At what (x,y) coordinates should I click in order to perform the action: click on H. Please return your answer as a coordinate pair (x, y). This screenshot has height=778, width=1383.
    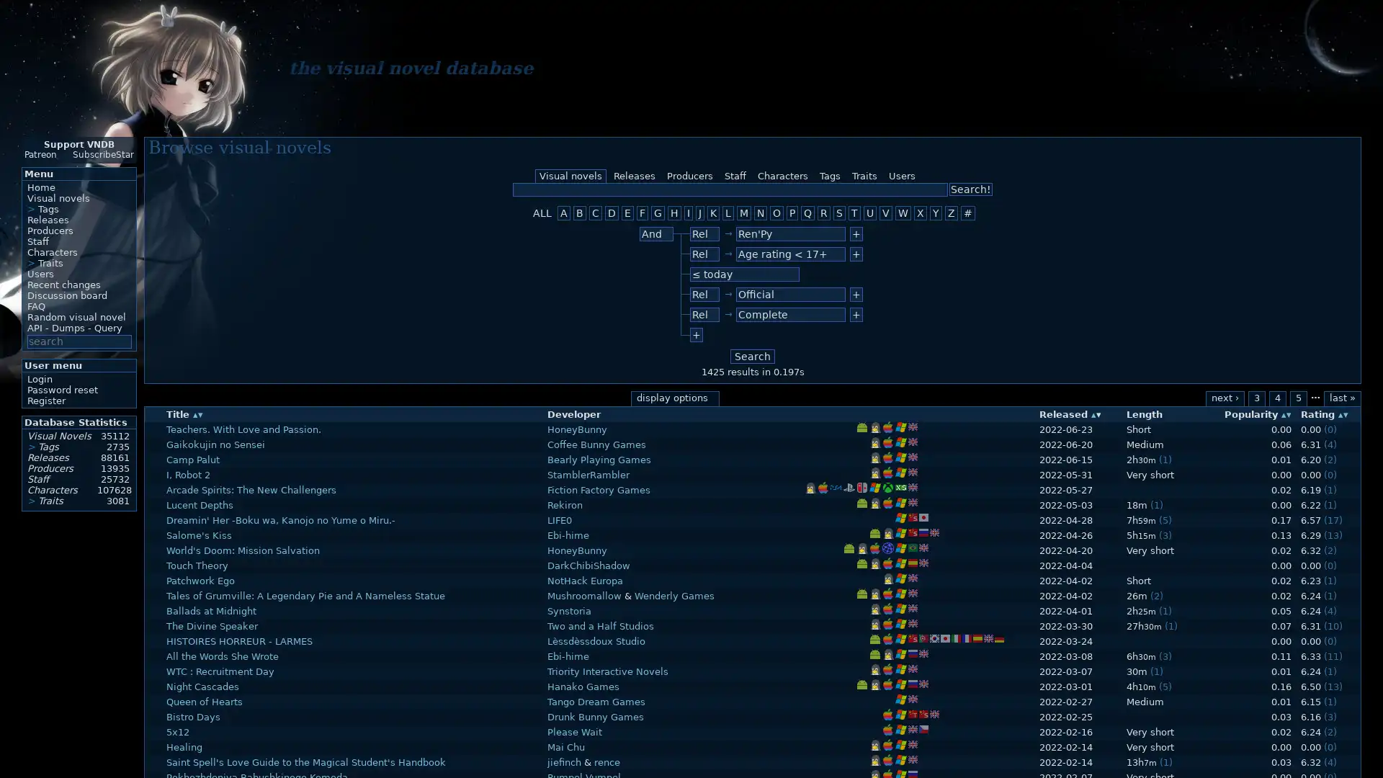
    Looking at the image, I should click on (673, 213).